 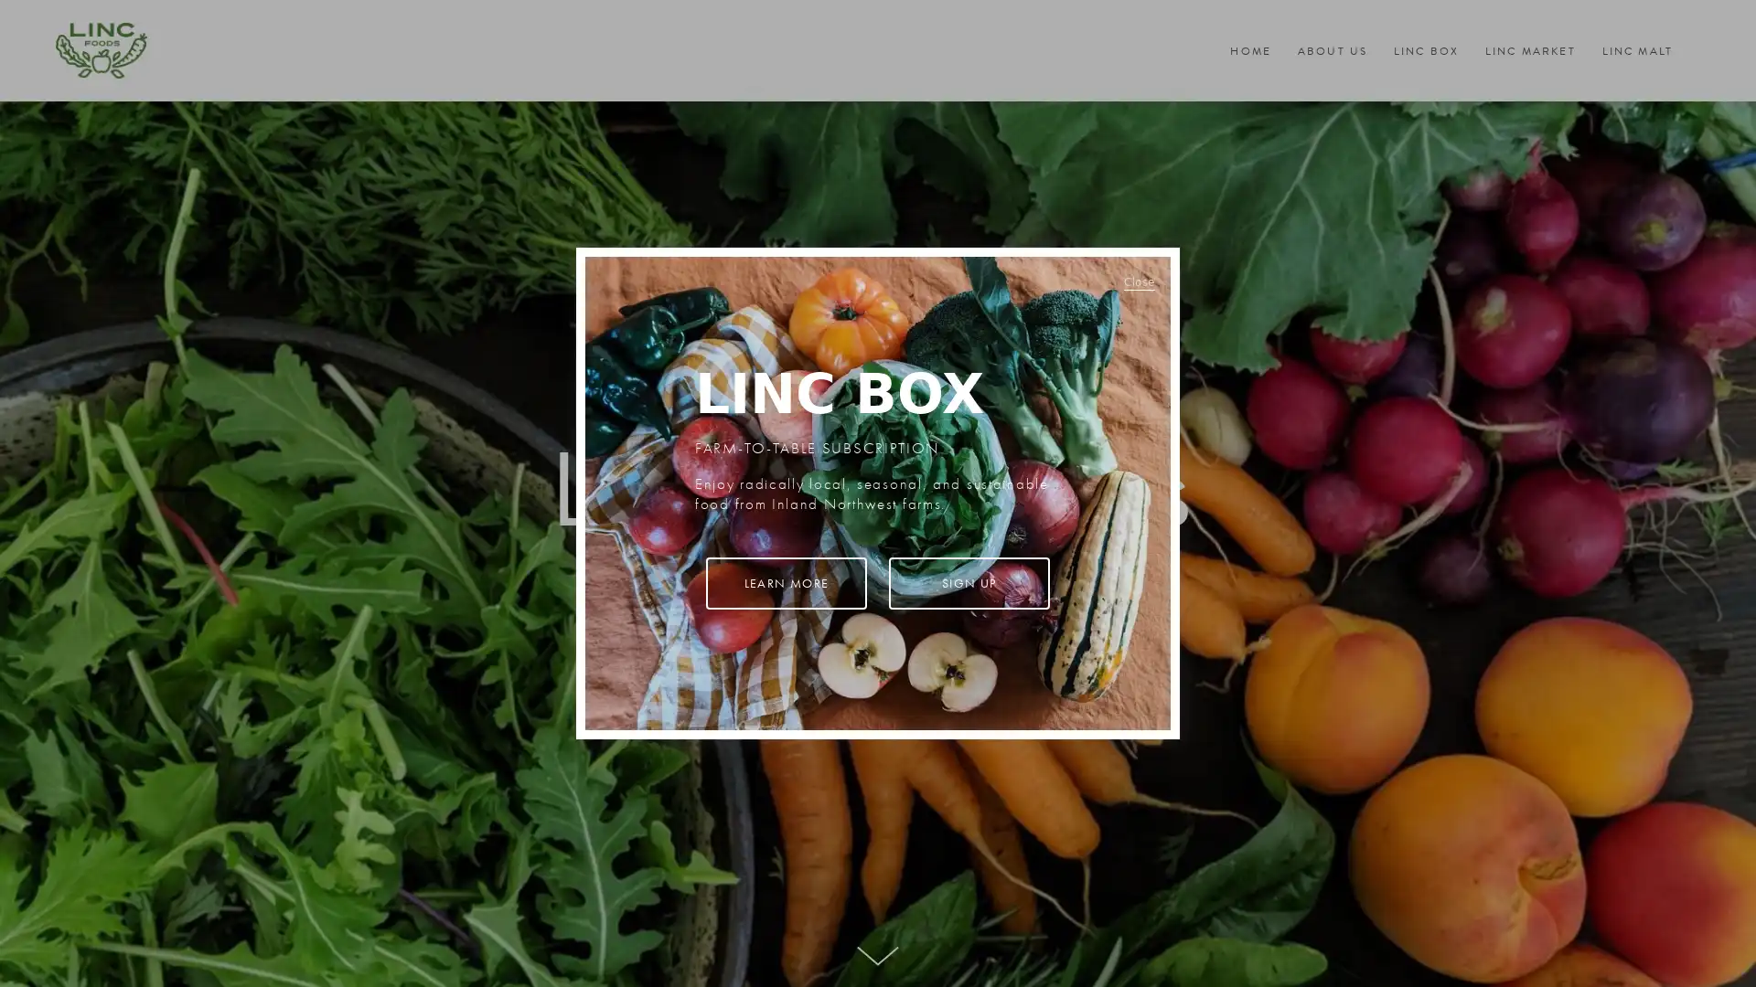 What do you see at coordinates (1139, 279) in the screenshot?
I see `Close` at bounding box center [1139, 279].